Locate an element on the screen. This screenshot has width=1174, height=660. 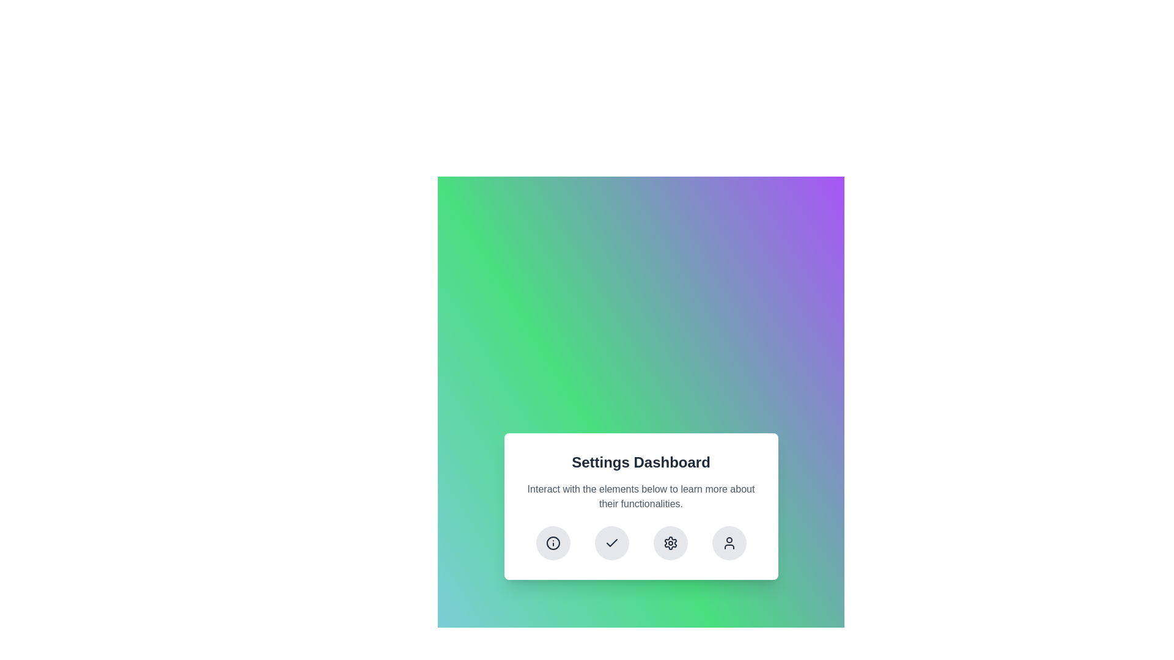
the circular button with a light gray background and checkmark icon, located centrally among four icon-based buttons at the bottom of the 'Settings Dashboard' card is located at coordinates (611, 542).